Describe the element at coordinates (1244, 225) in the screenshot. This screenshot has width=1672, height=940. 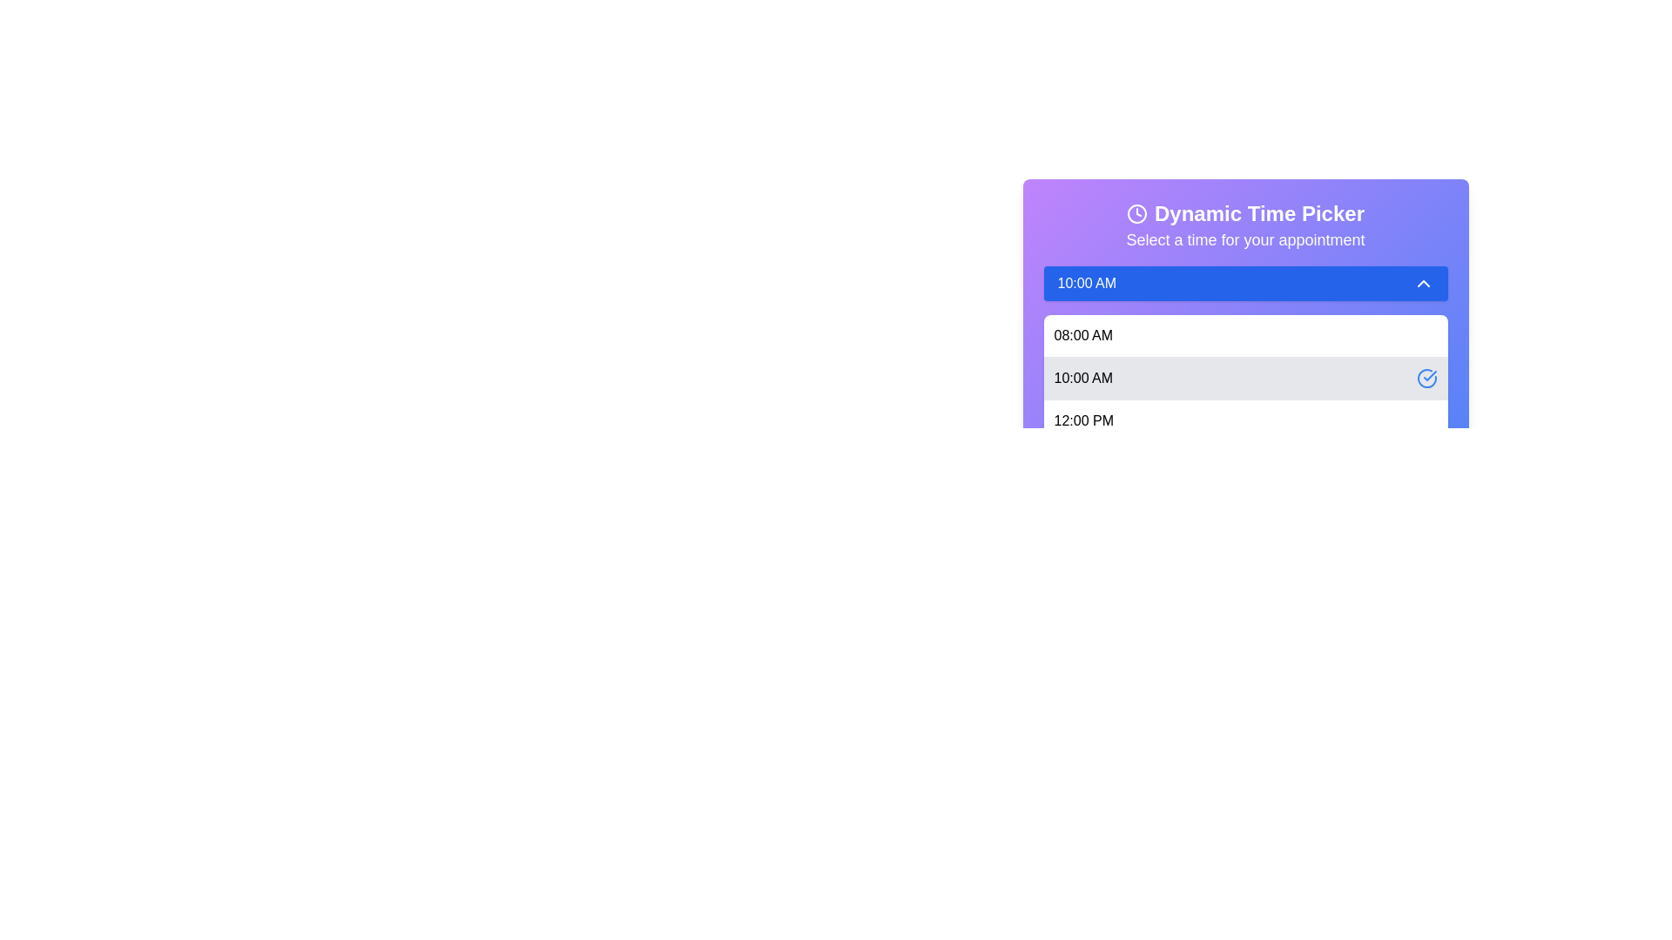
I see `the header section styled with a gradient background that includes a clock icon and the title 'Dynamic Time Picker' with the subtitle 'Select a time for your appointment'` at that location.